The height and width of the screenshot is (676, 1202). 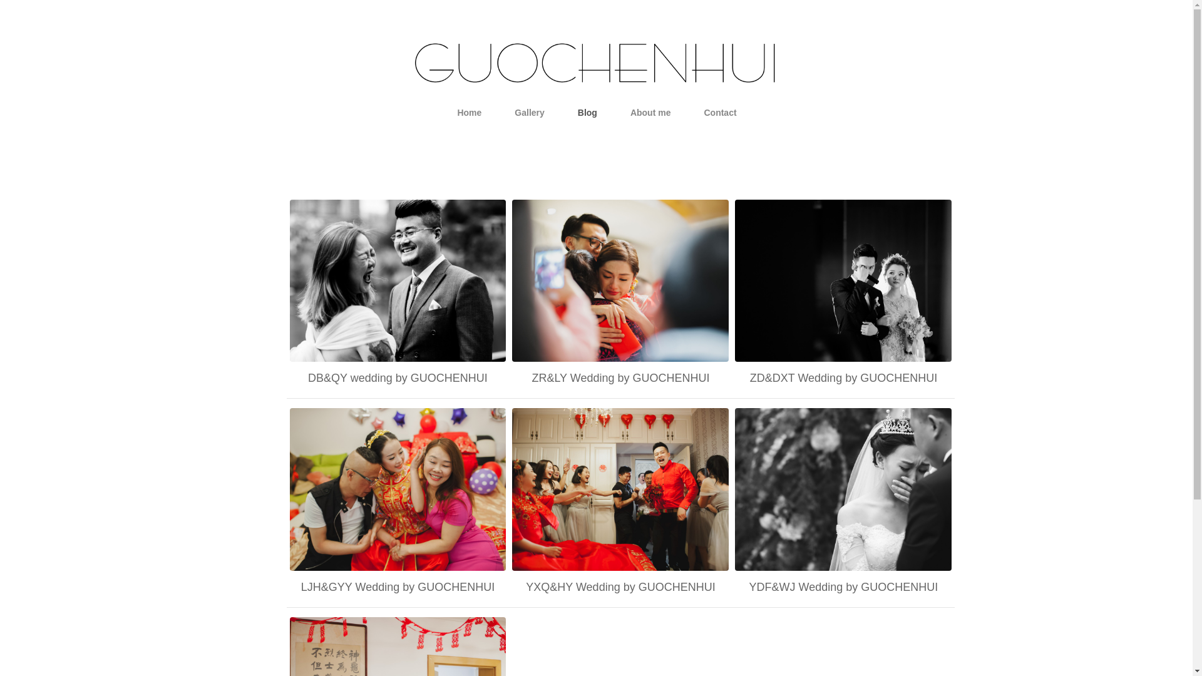 I want to click on 'Contact', so click(x=720, y=113).